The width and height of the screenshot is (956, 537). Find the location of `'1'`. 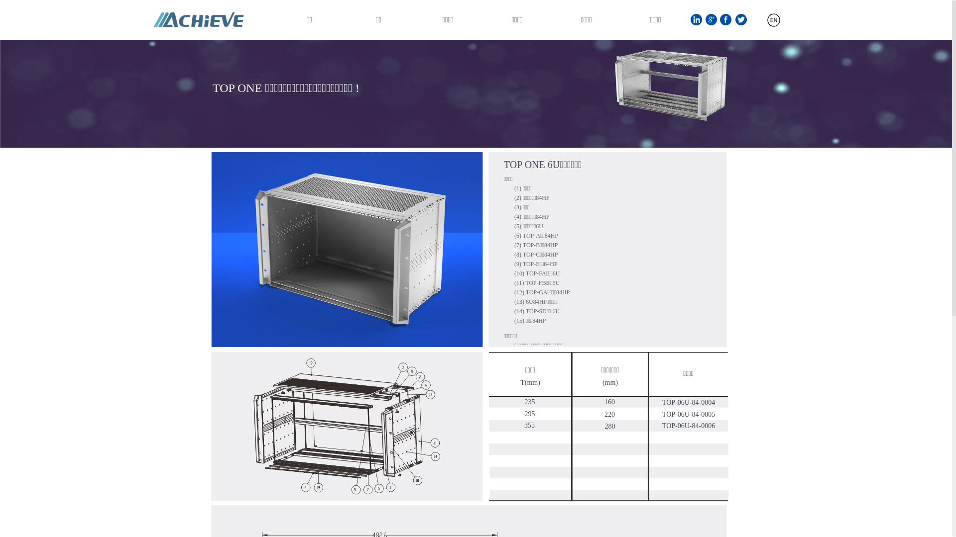

'1' is located at coordinates (347, 249).